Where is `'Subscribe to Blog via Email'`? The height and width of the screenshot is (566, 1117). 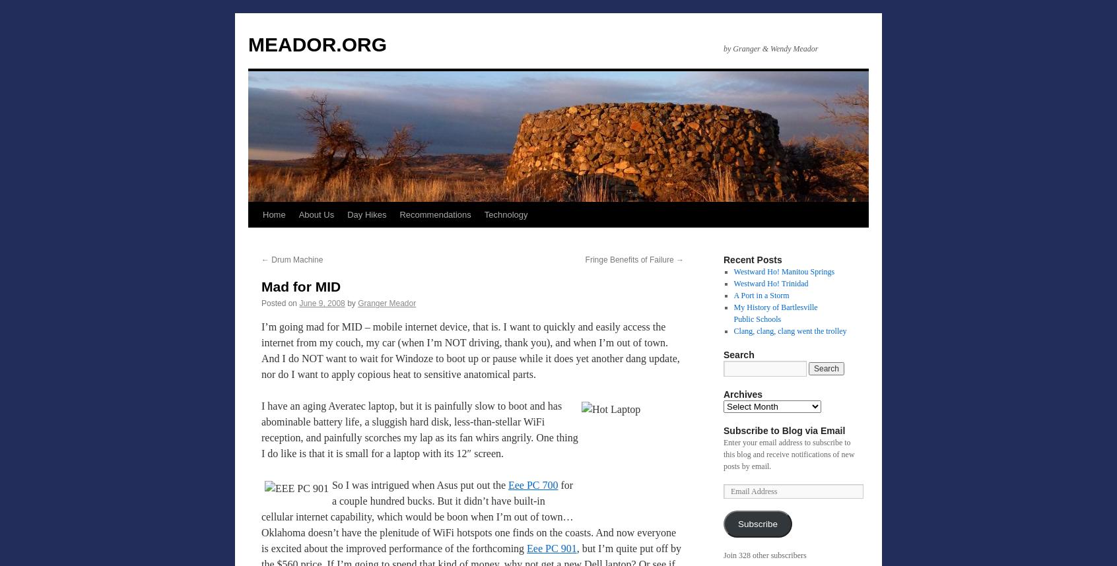
'Subscribe to Blog via Email' is located at coordinates (783, 430).